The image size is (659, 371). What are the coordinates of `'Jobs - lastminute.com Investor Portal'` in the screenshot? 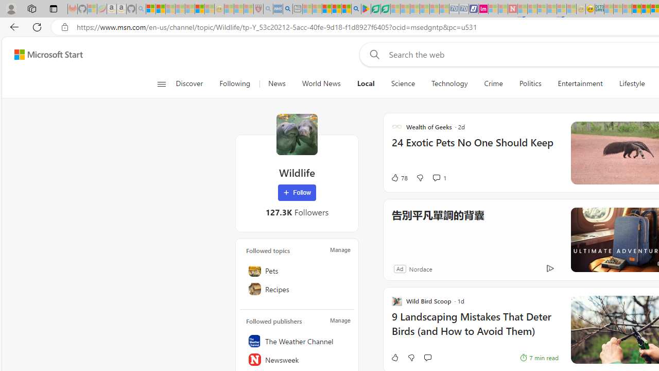 It's located at (483, 9).